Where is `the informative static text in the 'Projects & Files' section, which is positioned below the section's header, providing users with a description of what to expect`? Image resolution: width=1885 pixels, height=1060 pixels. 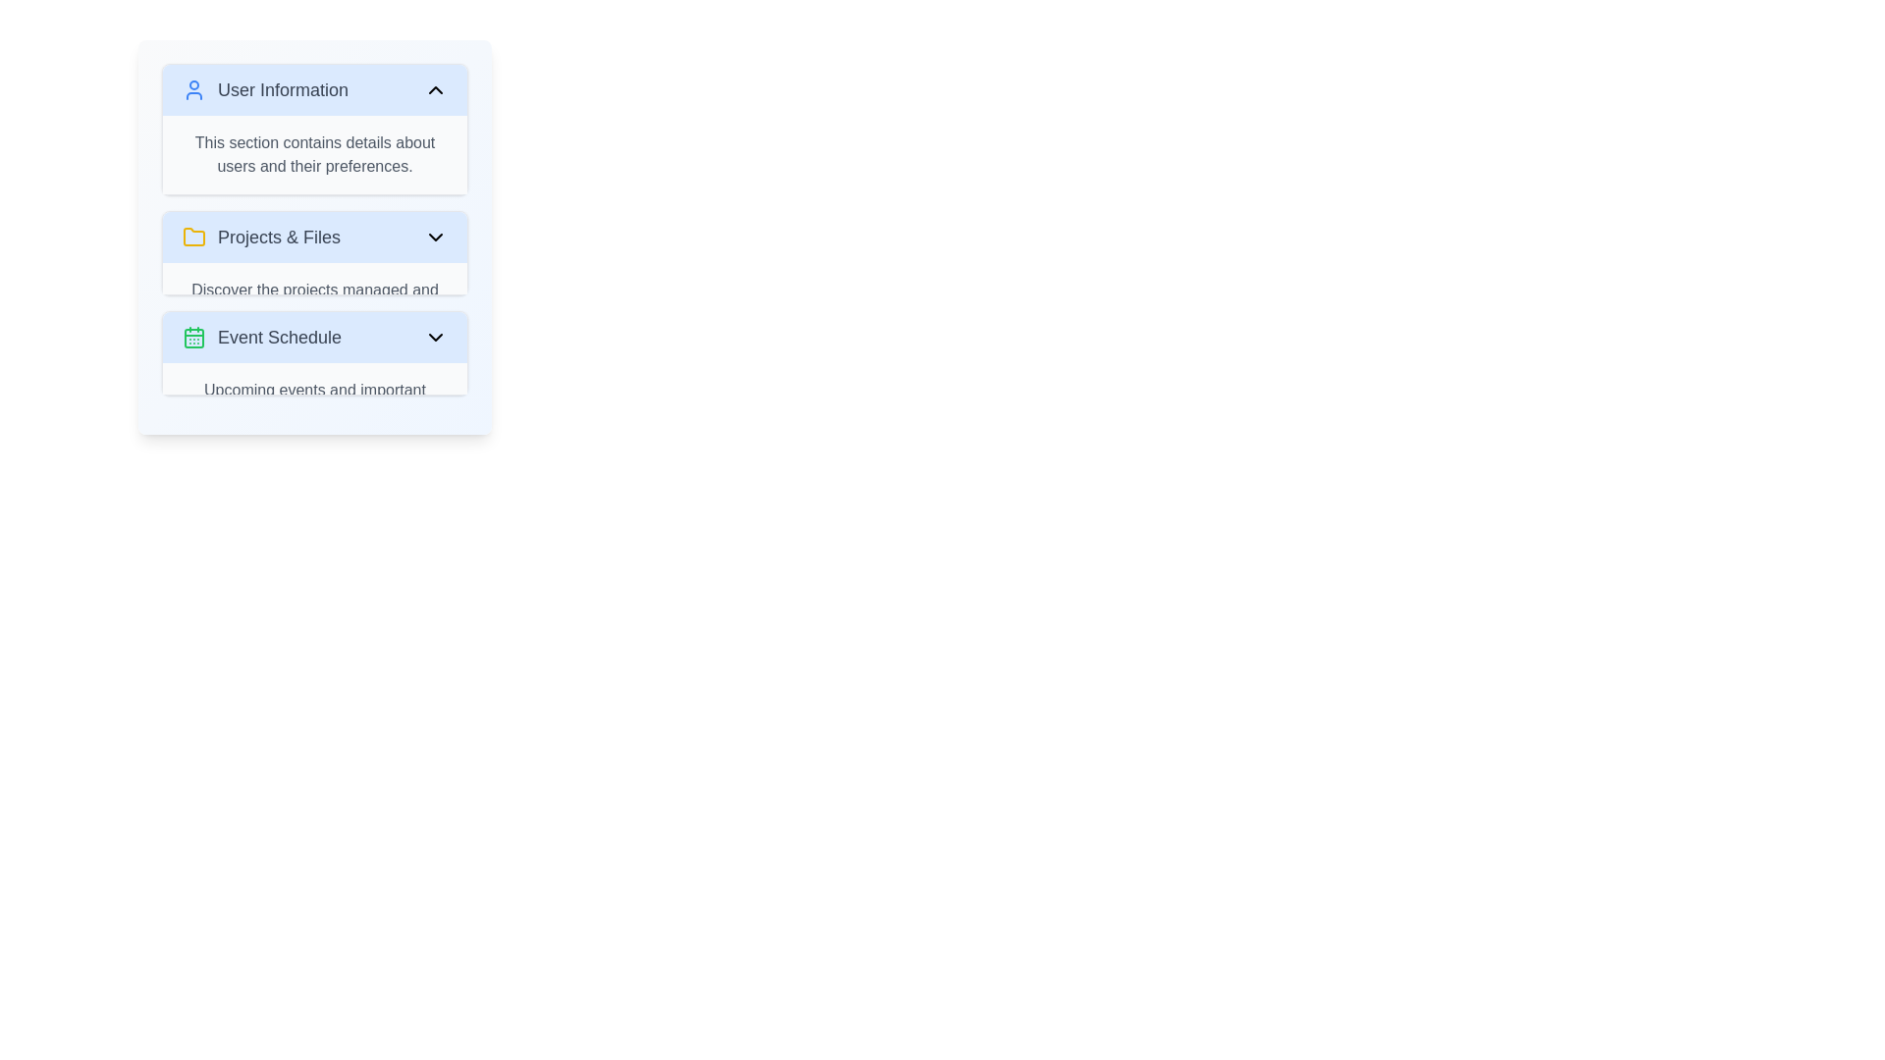 the informative static text in the 'Projects & Files' section, which is positioned below the section's header, providing users with a description of what to expect is located at coordinates (315, 302).